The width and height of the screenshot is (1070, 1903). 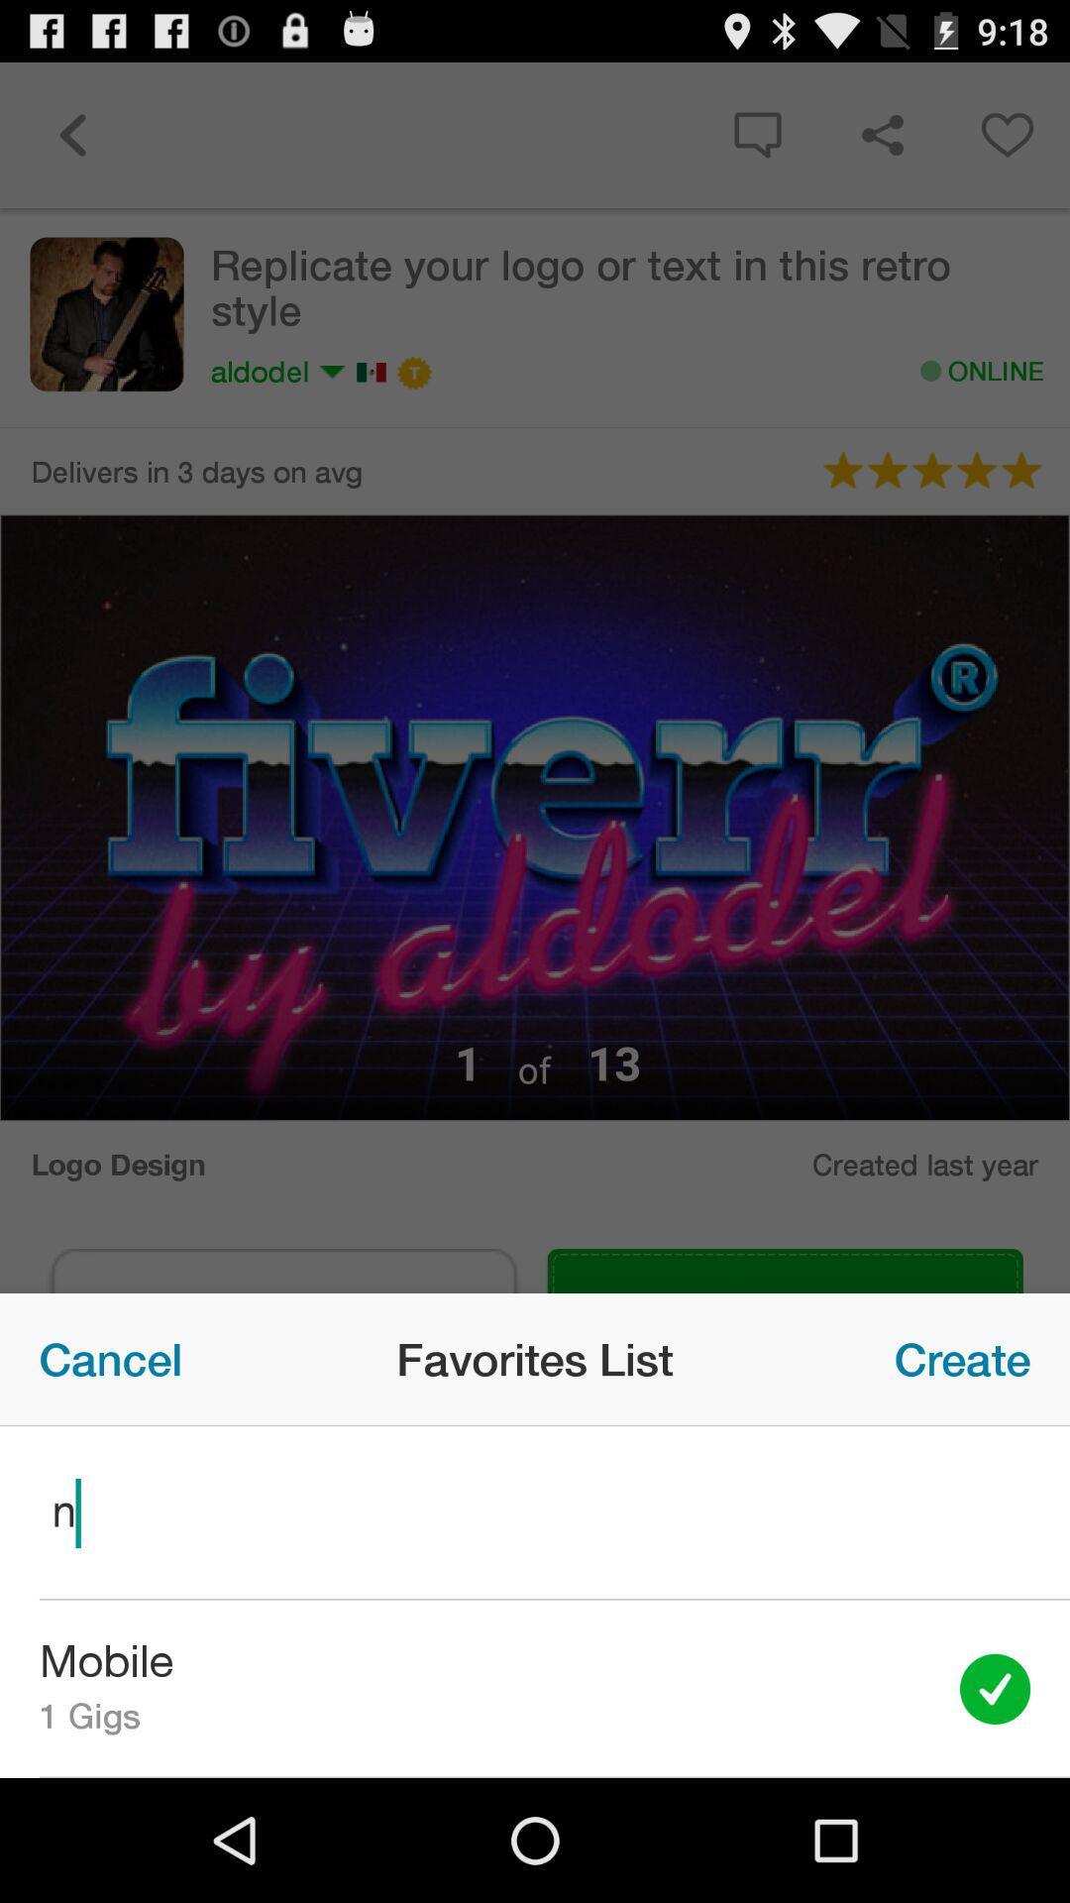 I want to click on the cancel, so click(x=110, y=1358).